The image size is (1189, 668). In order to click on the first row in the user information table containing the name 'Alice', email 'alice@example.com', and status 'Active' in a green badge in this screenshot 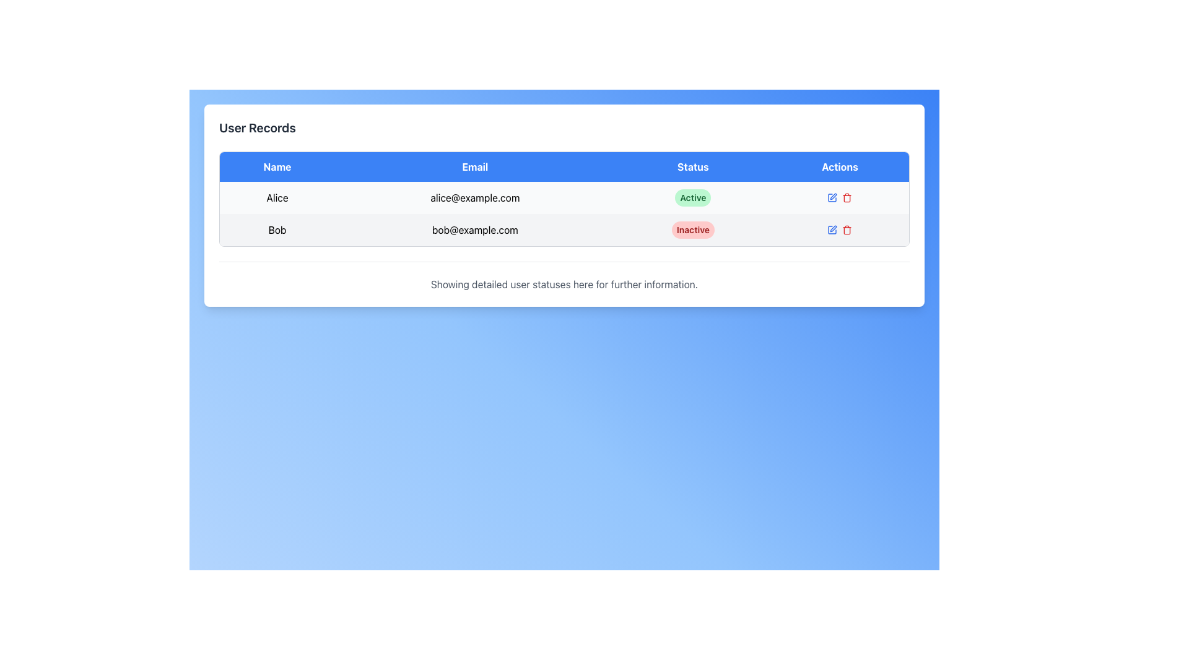, I will do `click(564, 197)`.